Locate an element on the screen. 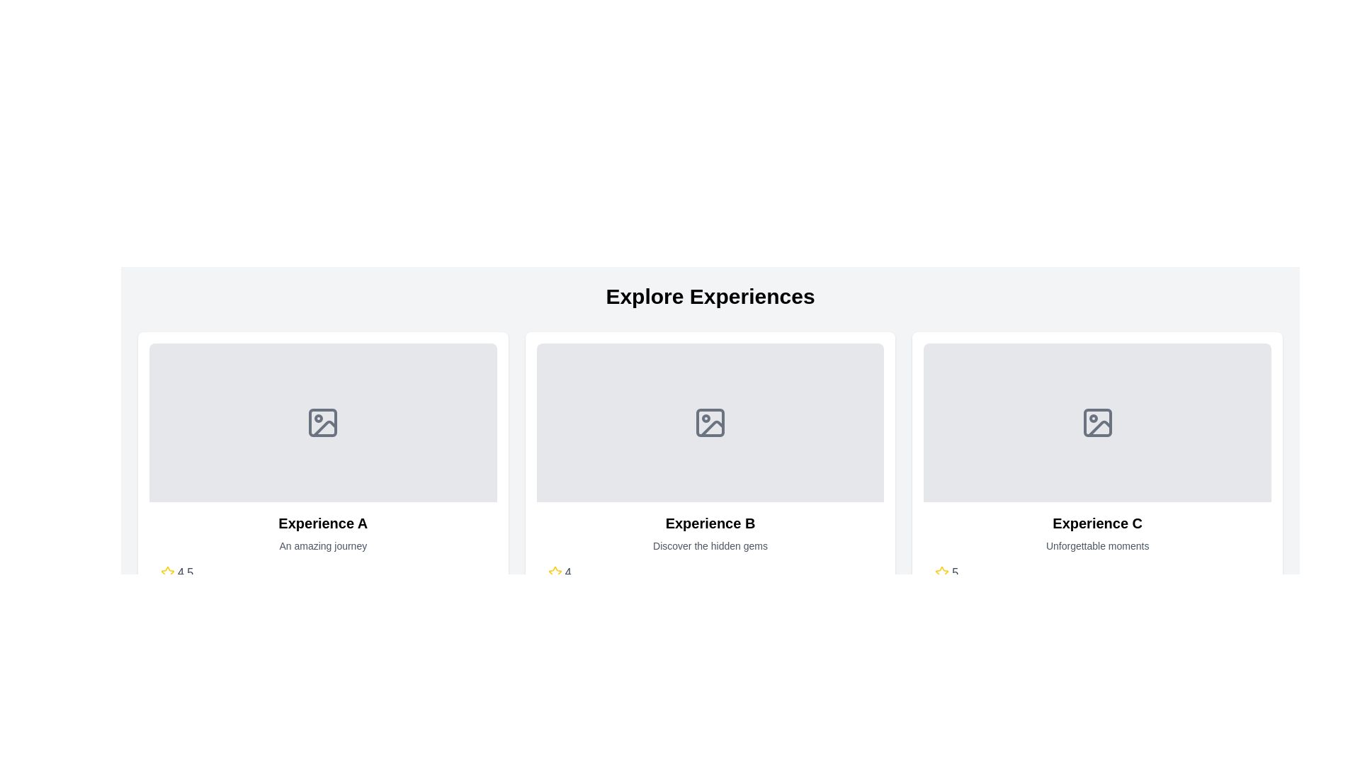  the star icon representing a high rating (5 stars) for the associated content in the 'Experience C' section, located to the left of the numeric rating value '5' is located at coordinates (942, 572).